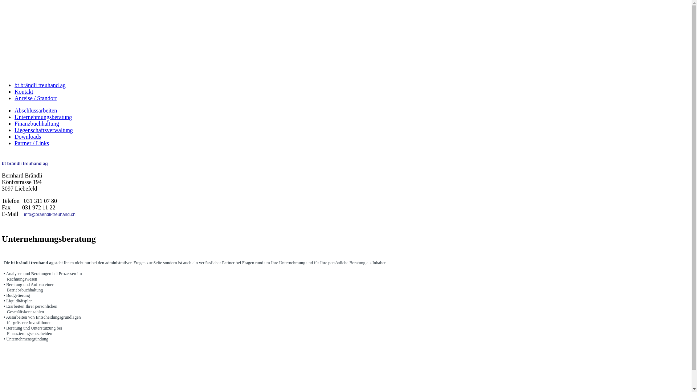  What do you see at coordinates (28, 136) in the screenshot?
I see `'Downloads'` at bounding box center [28, 136].